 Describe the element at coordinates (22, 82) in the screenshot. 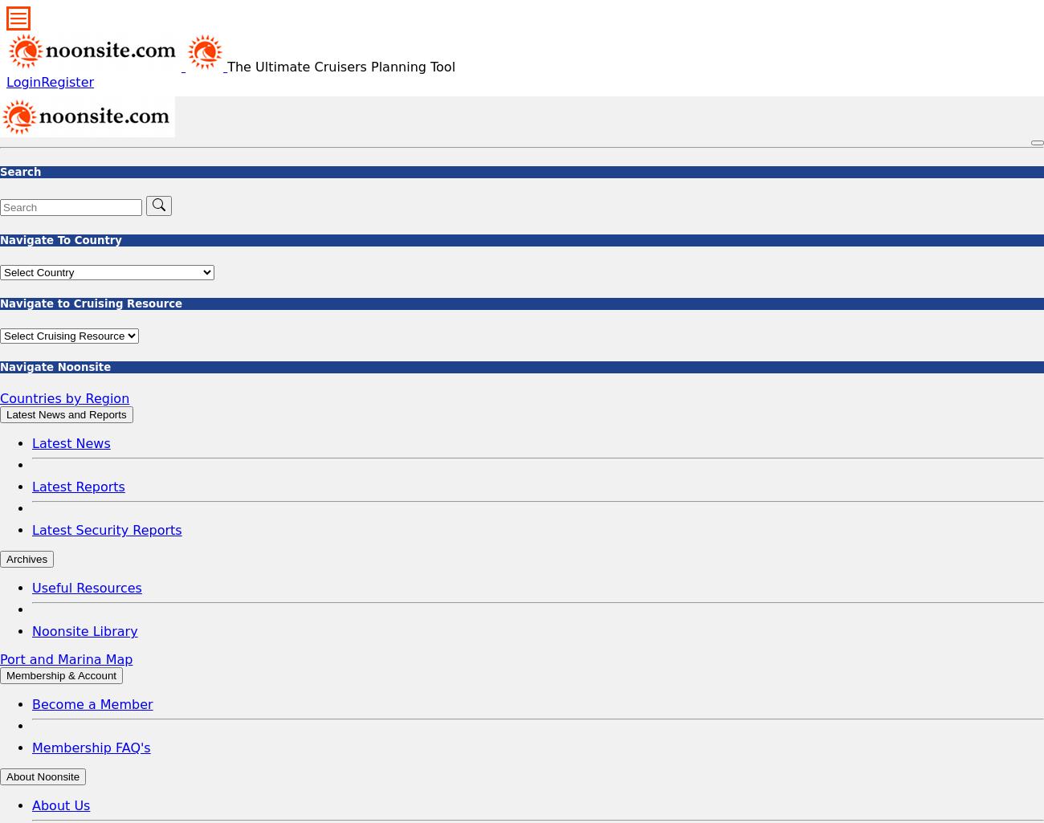

I see `'Login'` at that location.